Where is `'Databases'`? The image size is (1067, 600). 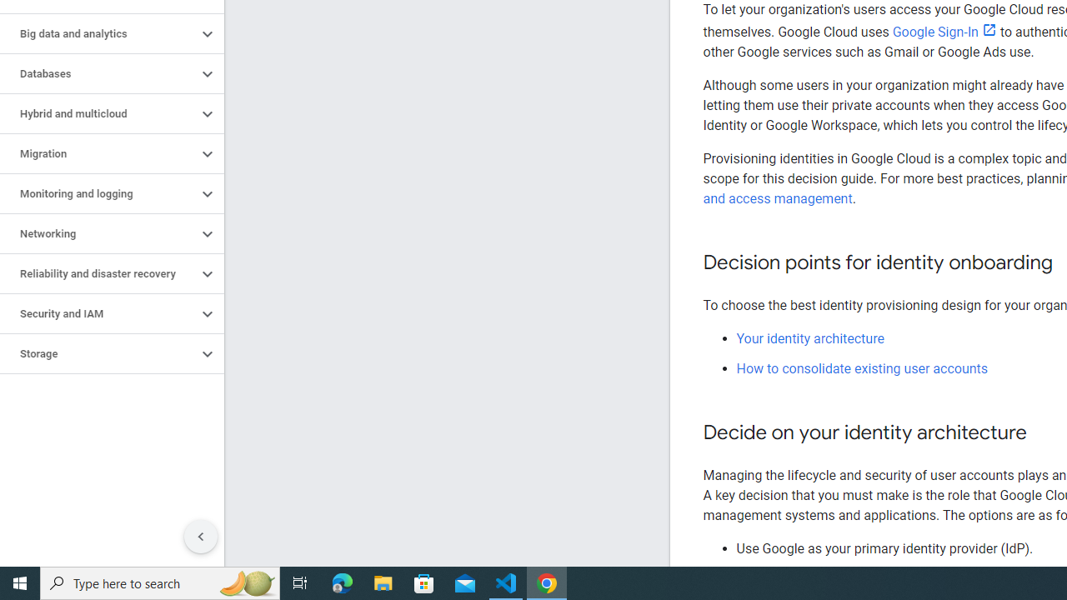 'Databases' is located at coordinates (98, 72).